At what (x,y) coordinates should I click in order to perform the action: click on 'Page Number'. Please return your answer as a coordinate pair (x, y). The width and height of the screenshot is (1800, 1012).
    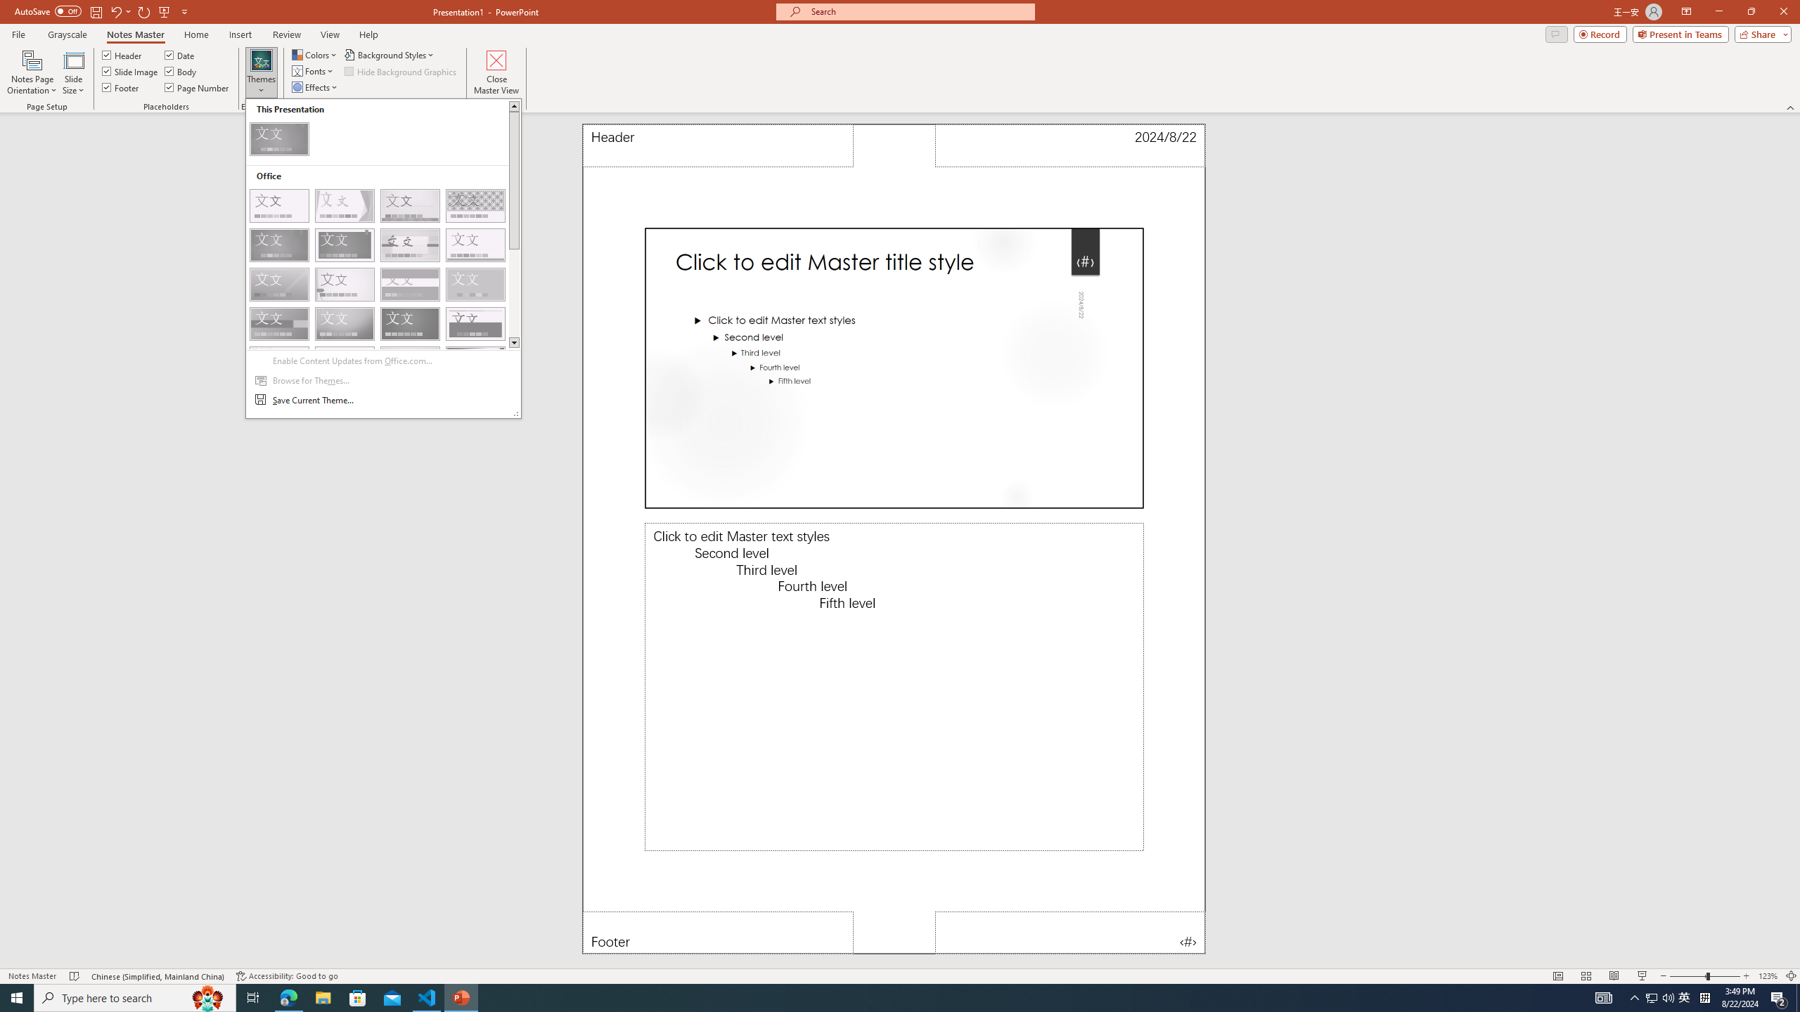
    Looking at the image, I should click on (198, 86).